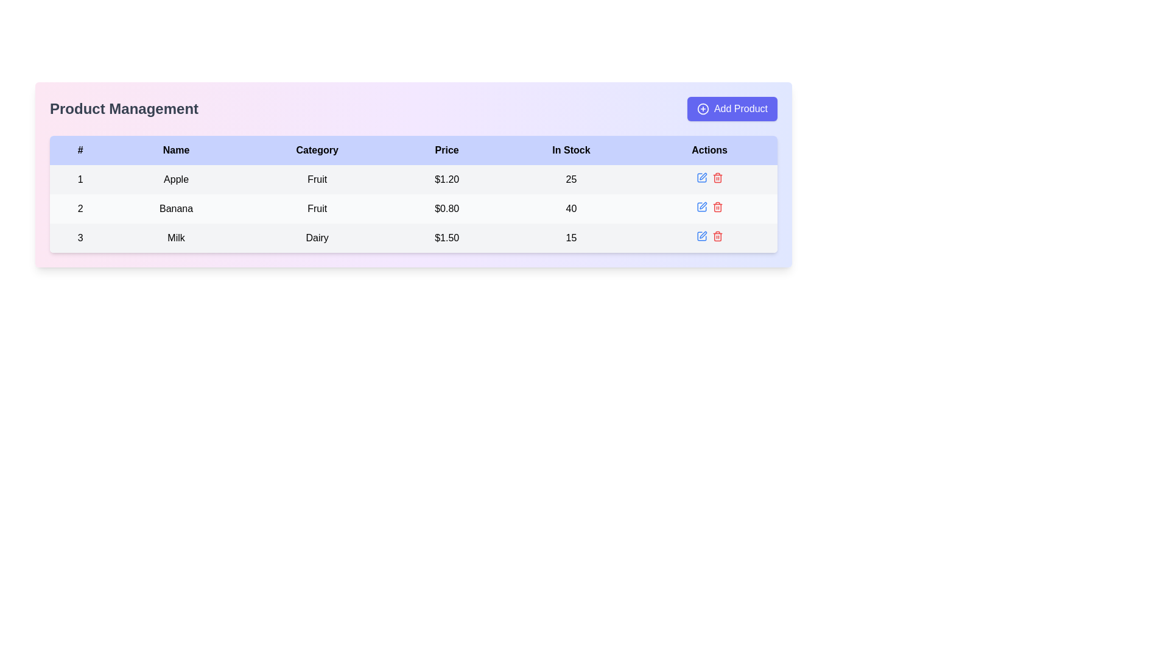 The image size is (1169, 658). What do you see at coordinates (317, 208) in the screenshot?
I see `the 'Category' text label in the second row of the table, which is adjacent to 'Banana' on the left and '$0.80' on the right` at bounding box center [317, 208].